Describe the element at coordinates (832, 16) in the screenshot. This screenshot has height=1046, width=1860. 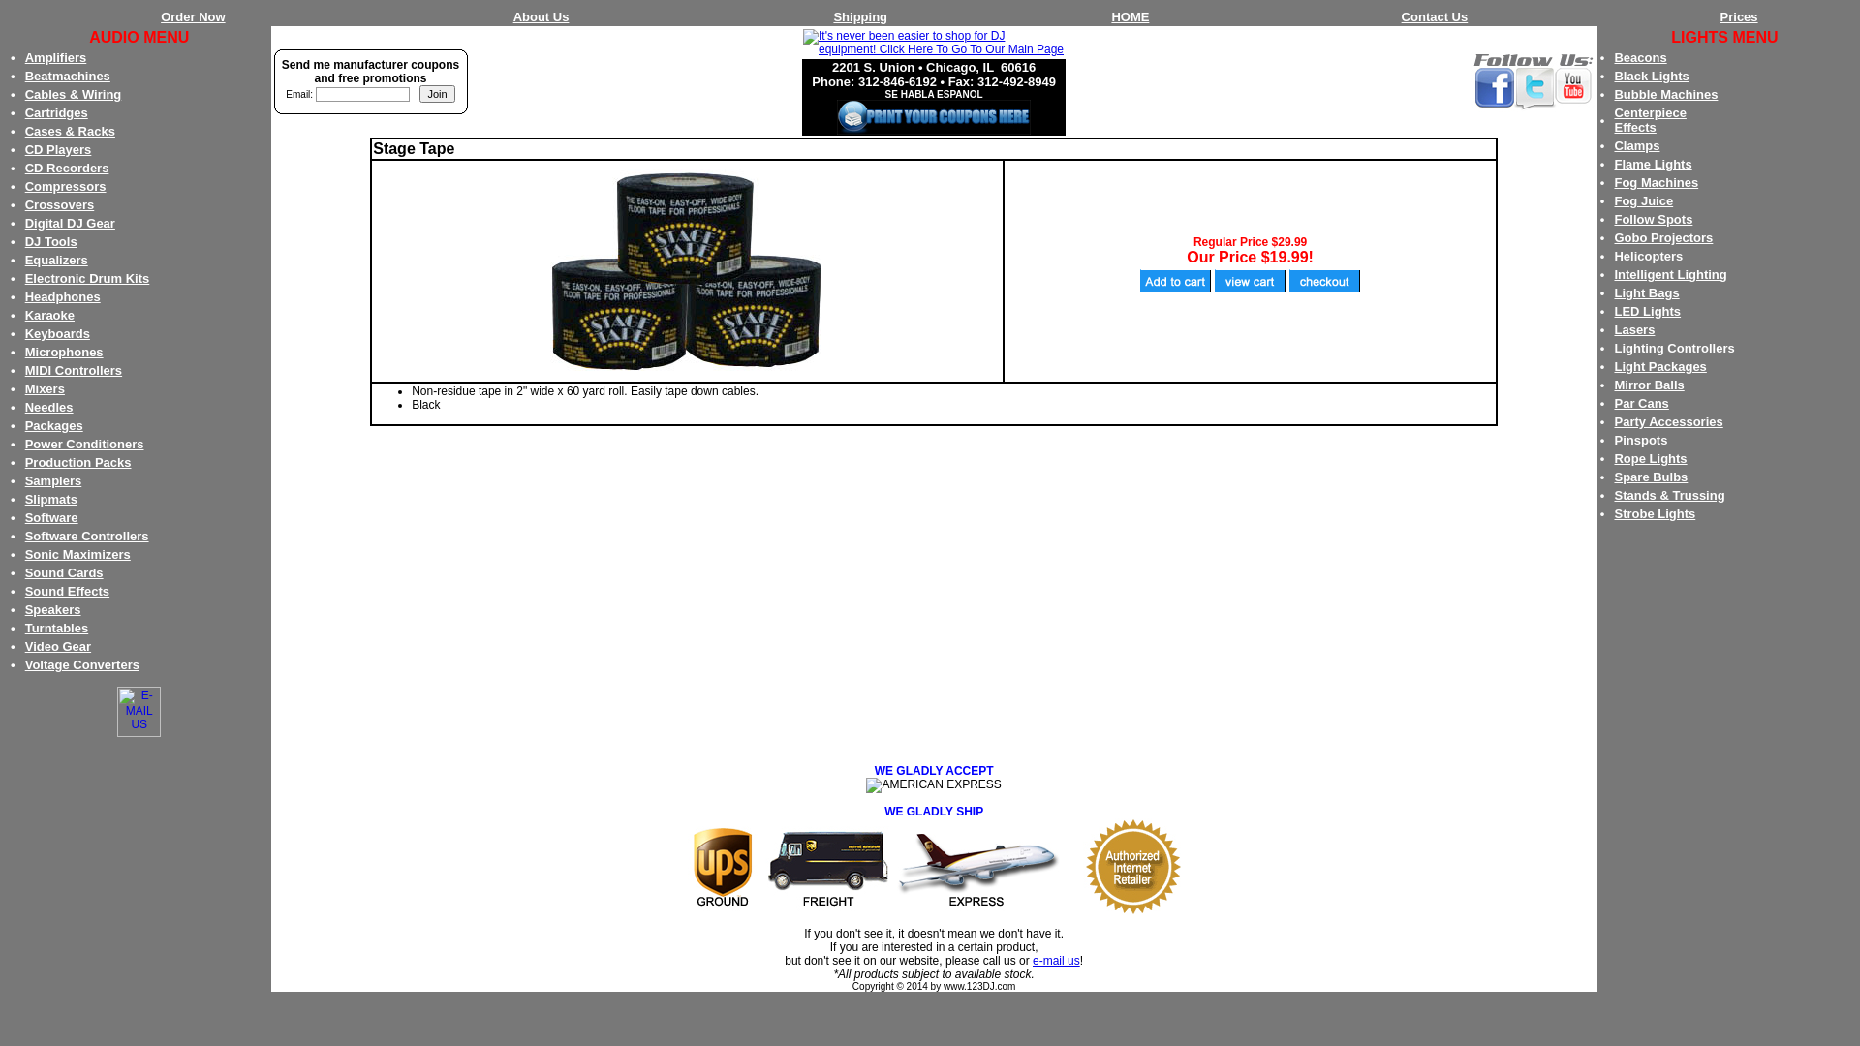
I see `'Shipping'` at that location.